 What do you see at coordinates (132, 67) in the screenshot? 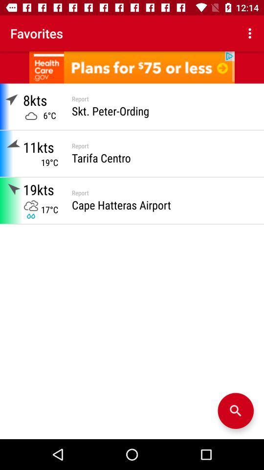
I see `this advertisement` at bounding box center [132, 67].